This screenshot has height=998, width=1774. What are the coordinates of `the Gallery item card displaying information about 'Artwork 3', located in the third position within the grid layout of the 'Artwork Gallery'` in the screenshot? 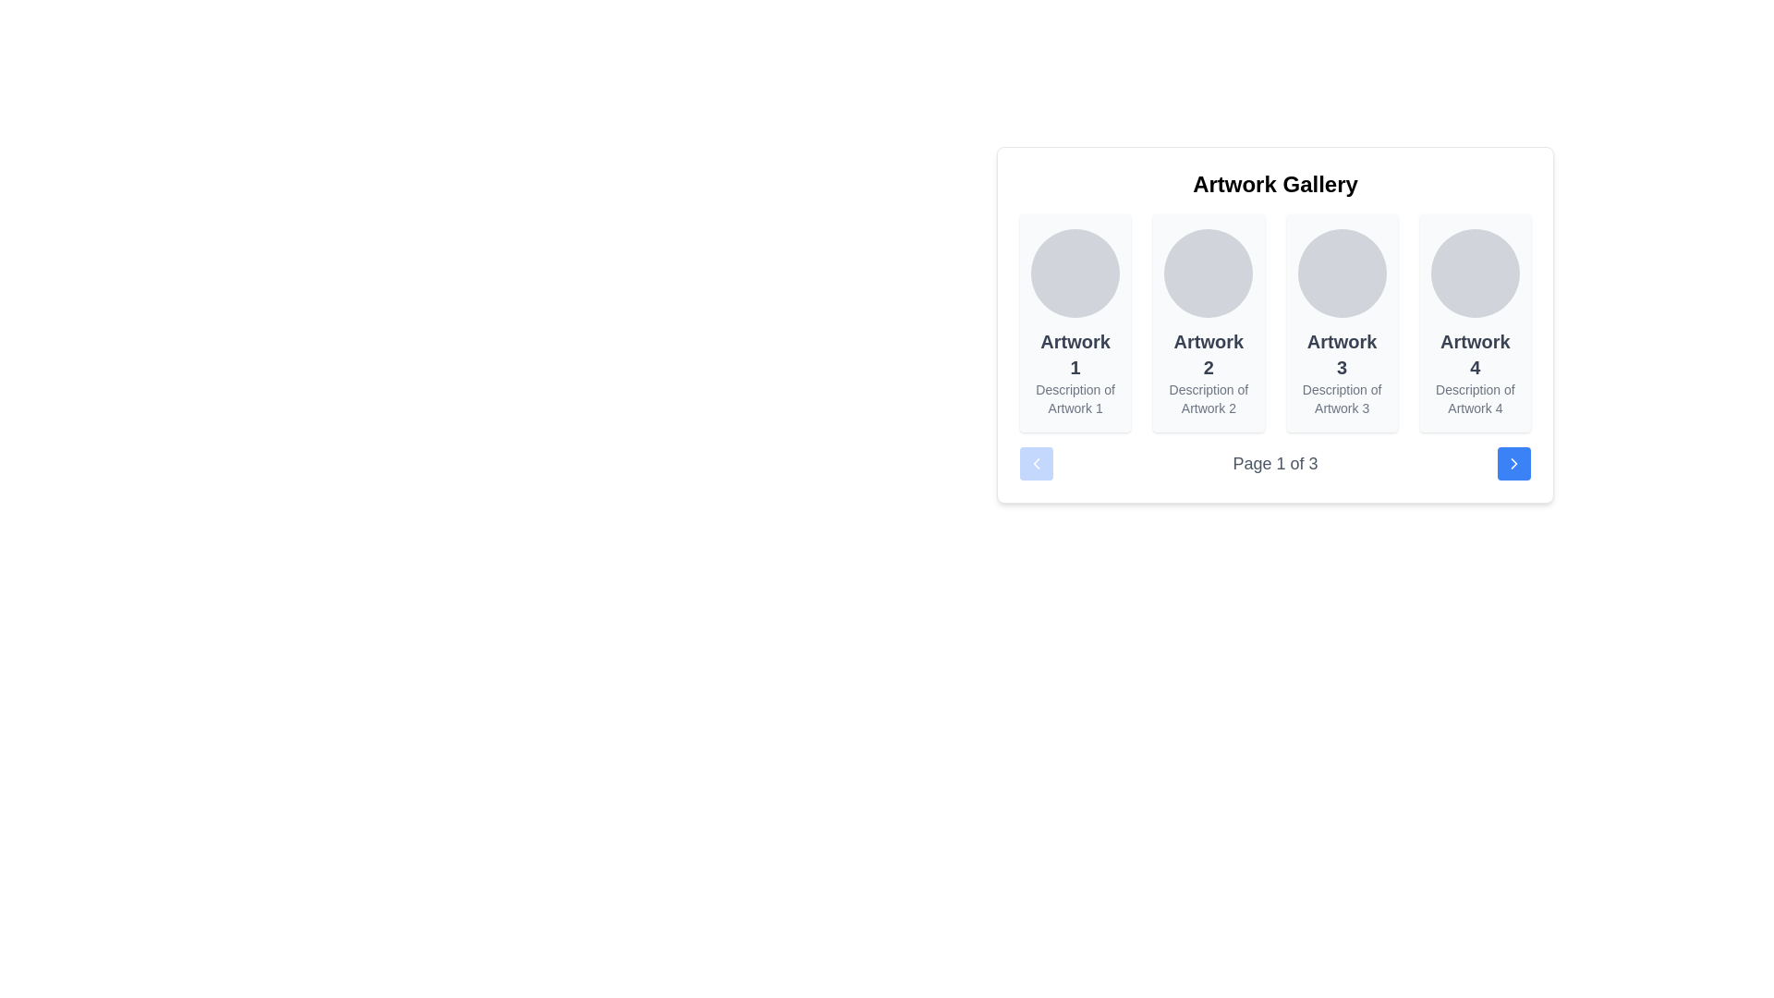 It's located at (1342, 323).